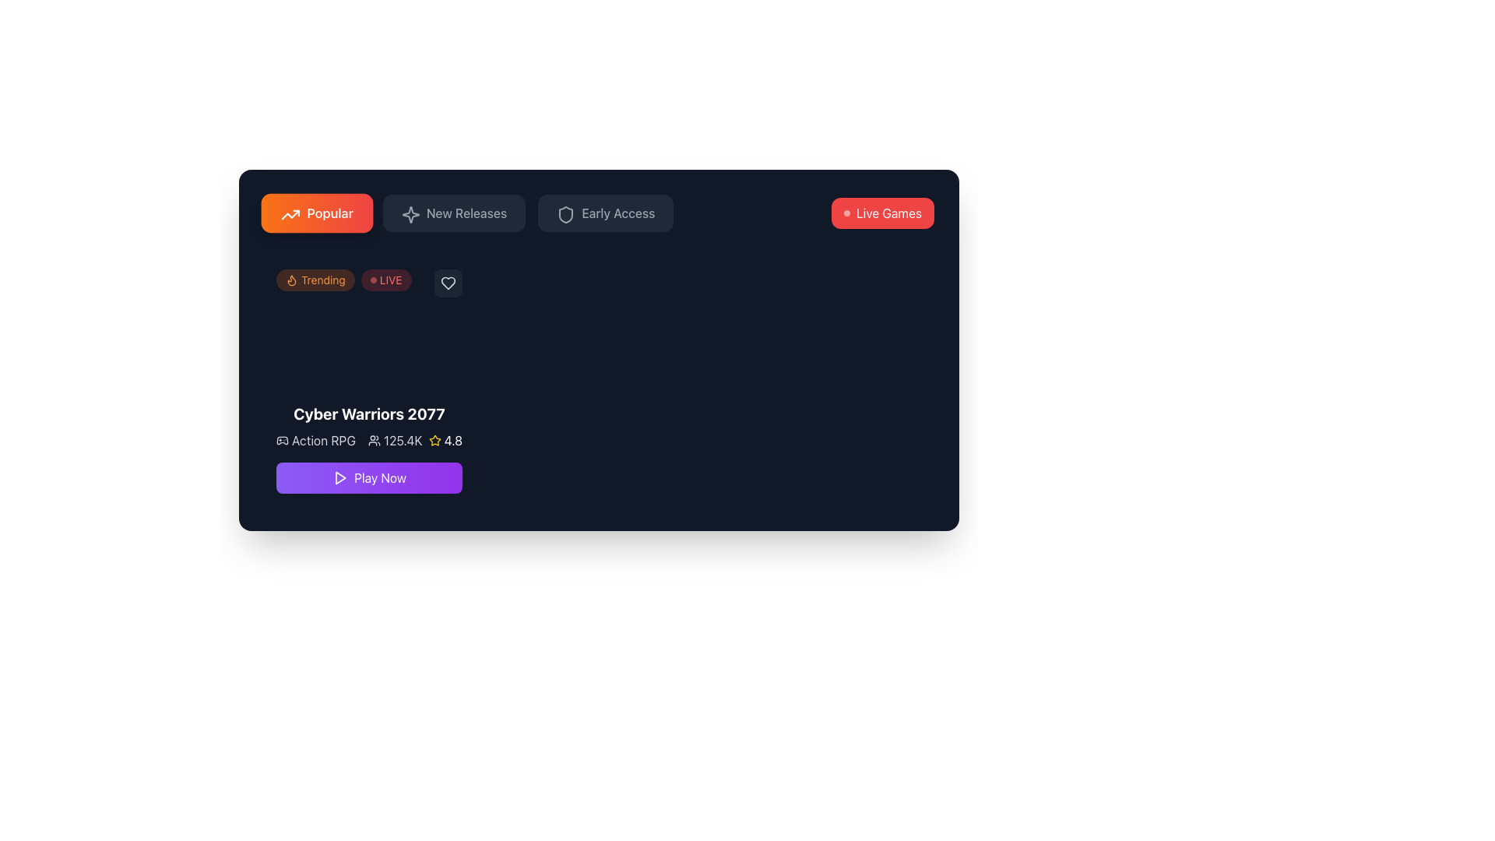  Describe the element at coordinates (565, 215) in the screenshot. I see `the protection icon located in the 'Early Access' section, which symbolizes security and exclusivity for early adopters, positioned to the right of the 'New Releases' button` at that location.